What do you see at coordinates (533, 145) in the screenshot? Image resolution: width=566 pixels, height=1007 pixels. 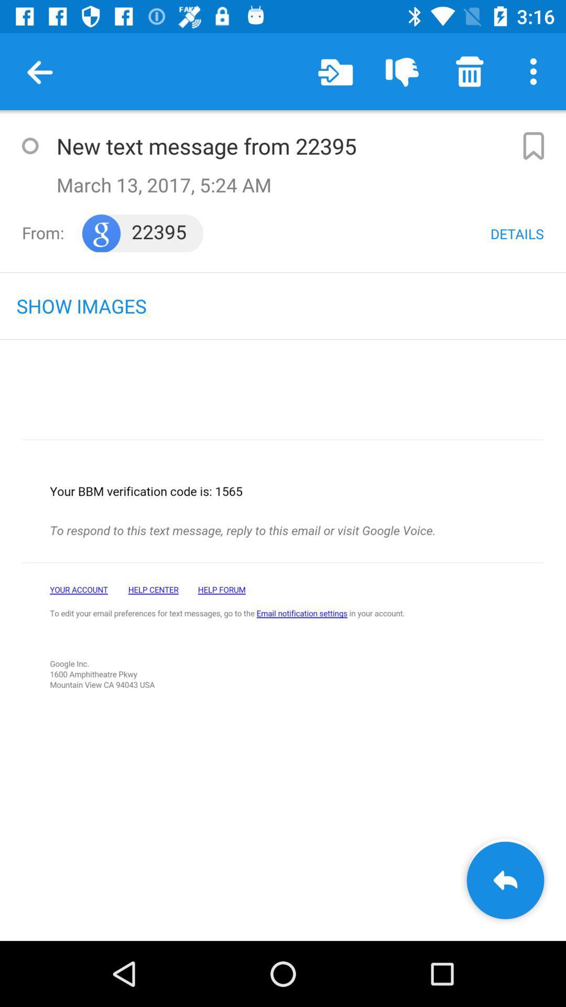 I see `the bookmark icon` at bounding box center [533, 145].